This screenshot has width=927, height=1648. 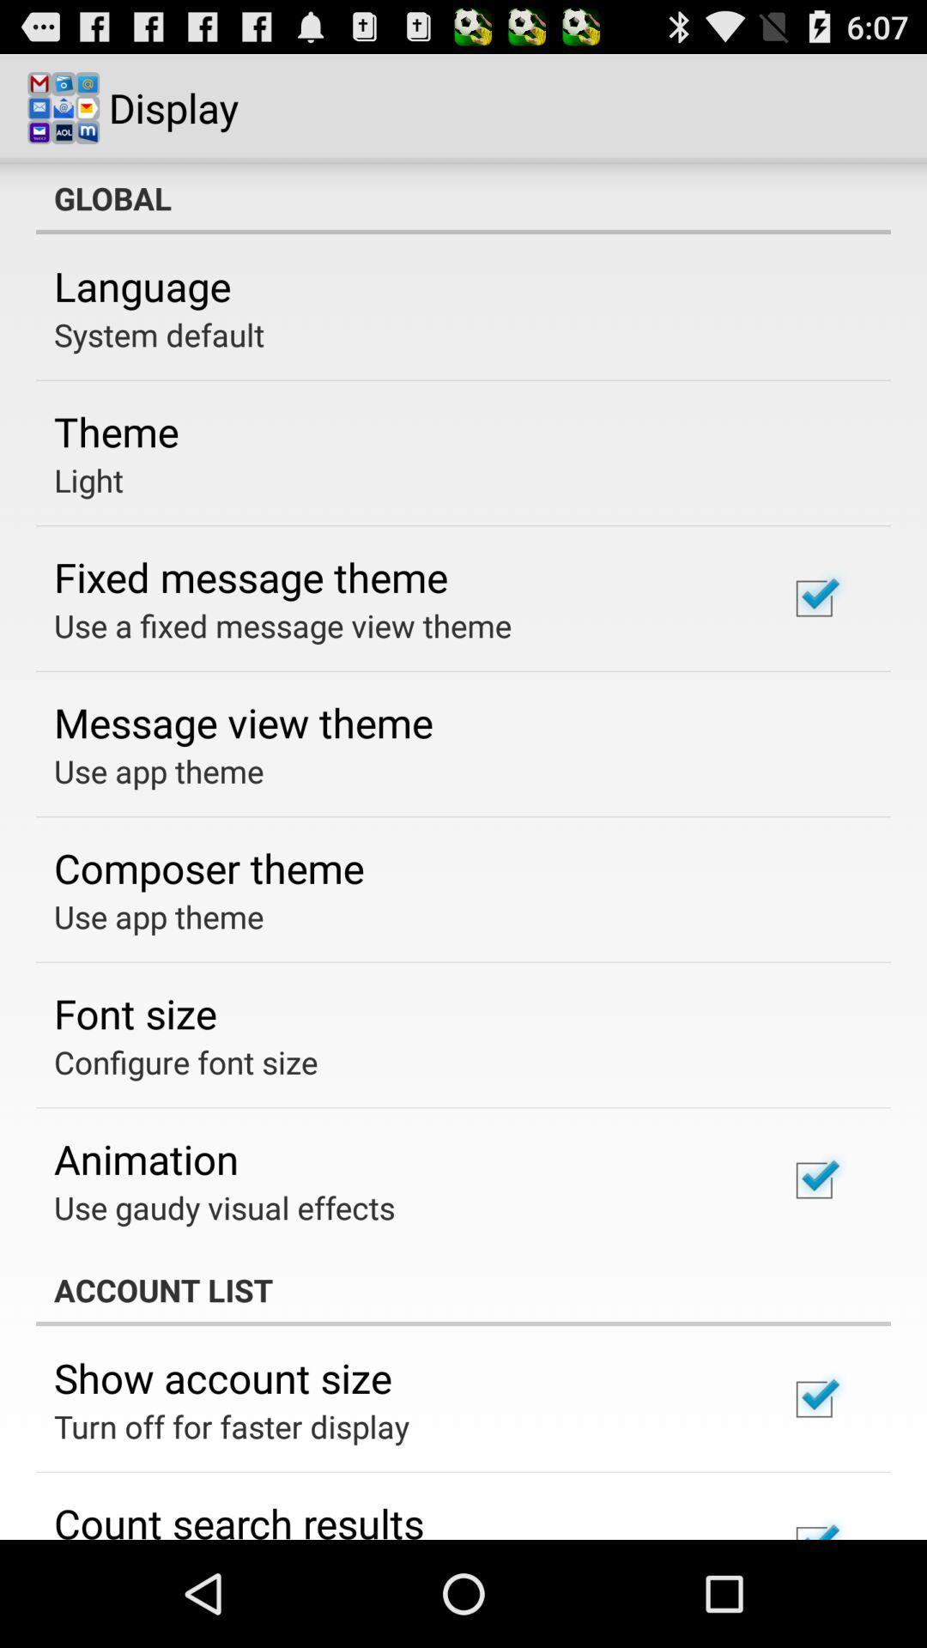 What do you see at coordinates (239, 1518) in the screenshot?
I see `count search results` at bounding box center [239, 1518].